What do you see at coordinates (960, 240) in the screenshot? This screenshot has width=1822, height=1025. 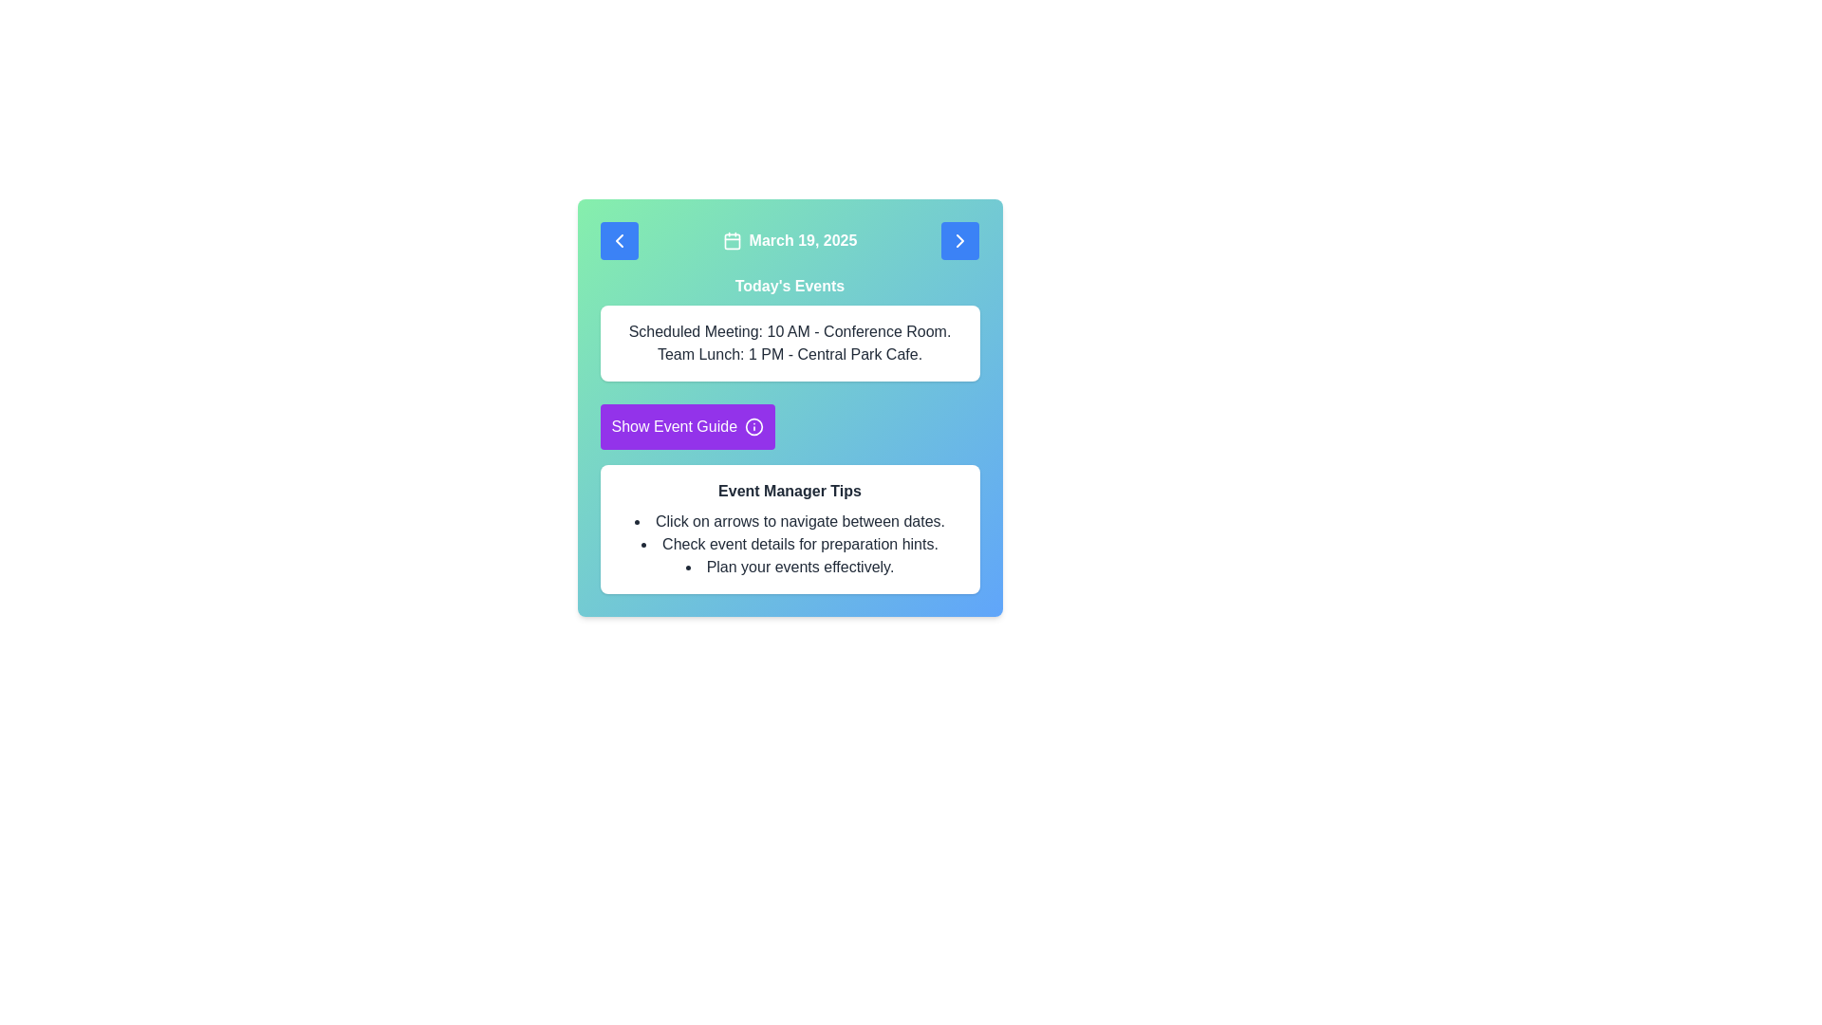 I see `the navigation button located at the top-right corner of the card` at bounding box center [960, 240].